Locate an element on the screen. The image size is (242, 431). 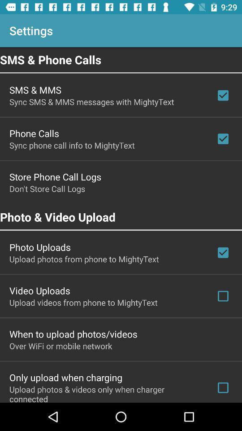
photo & video upload item is located at coordinates (121, 216).